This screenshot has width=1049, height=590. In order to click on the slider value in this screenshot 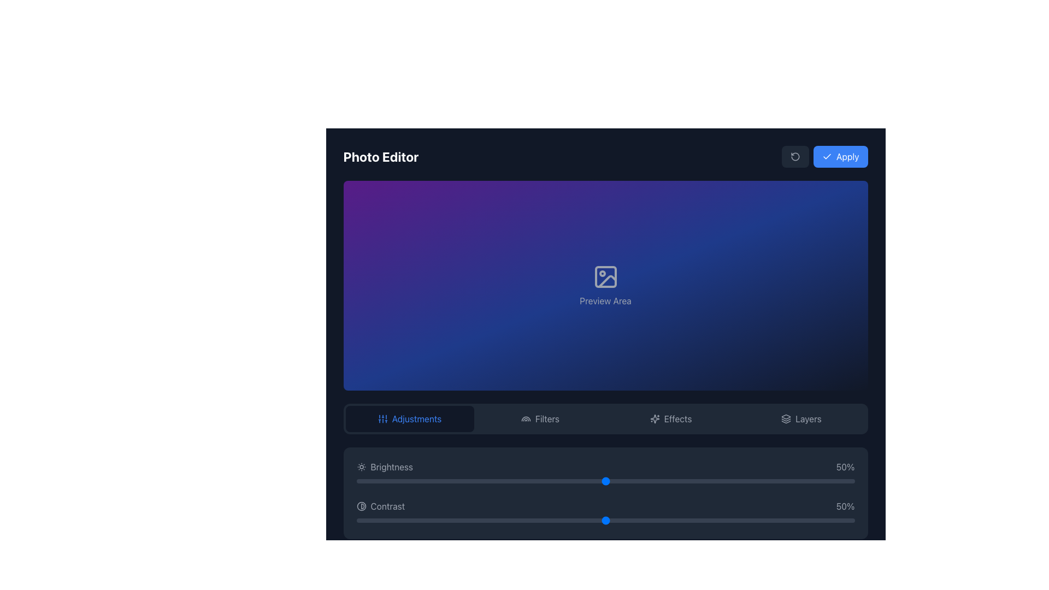, I will do `click(451, 480)`.